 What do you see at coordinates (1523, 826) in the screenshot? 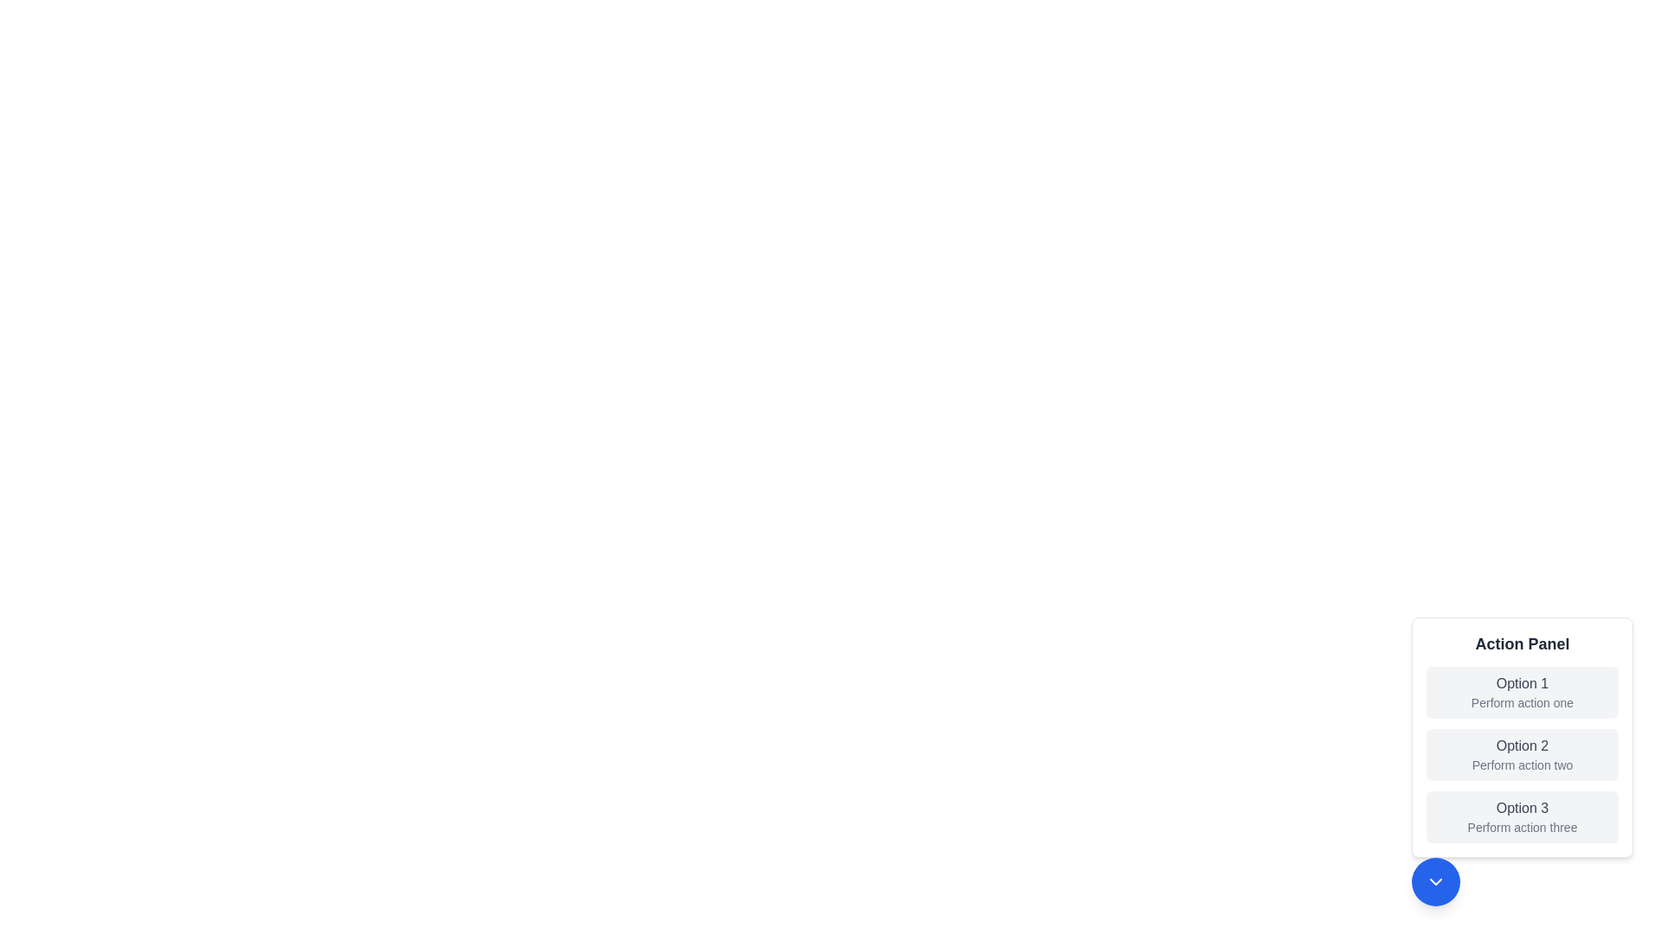
I see `the Text label that describes 'Option 3', located in the 'Action Panel' area as the second line of text` at bounding box center [1523, 826].